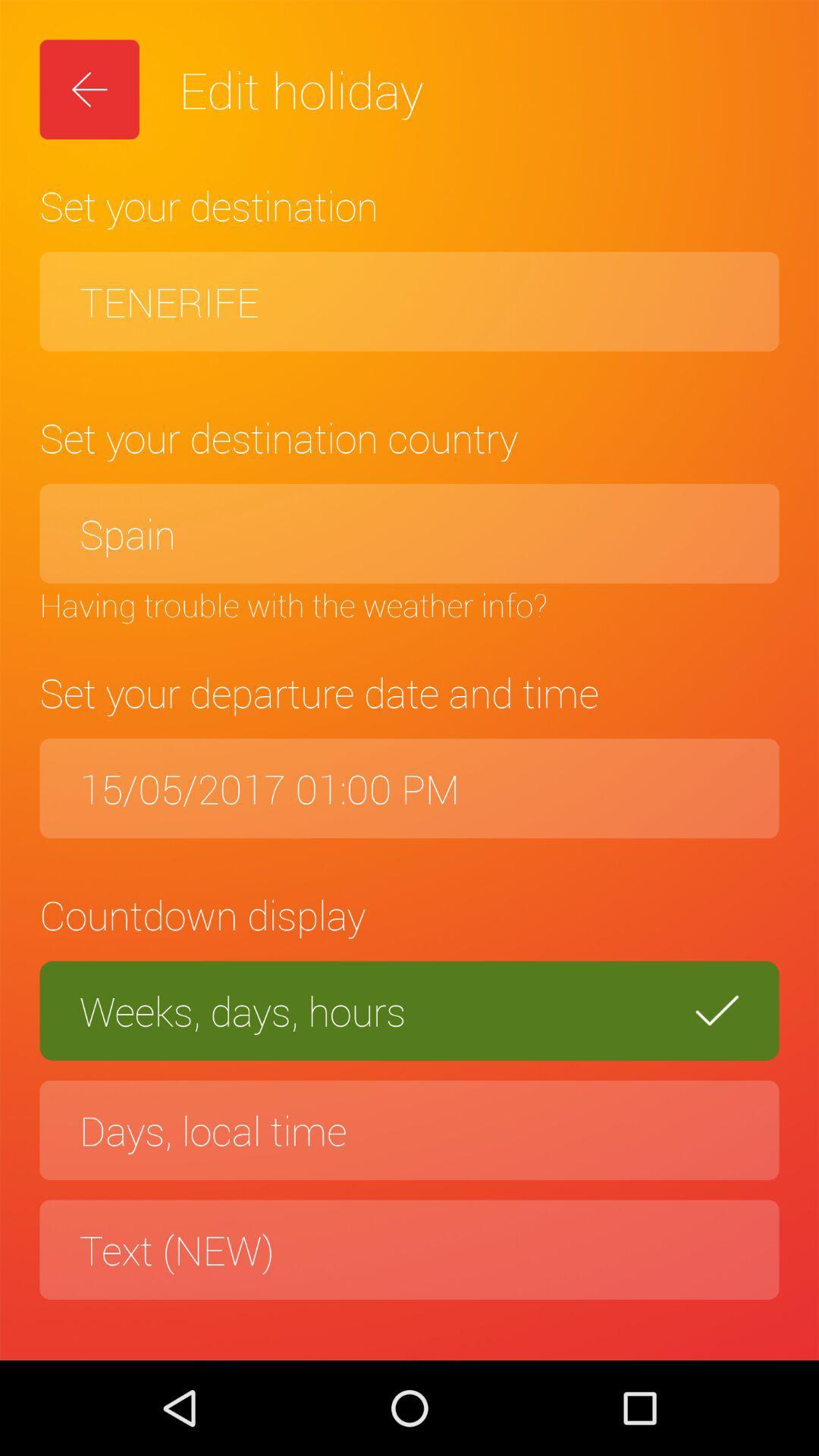 The height and width of the screenshot is (1456, 819). Describe the element at coordinates (409, 301) in the screenshot. I see `tenerife item` at that location.